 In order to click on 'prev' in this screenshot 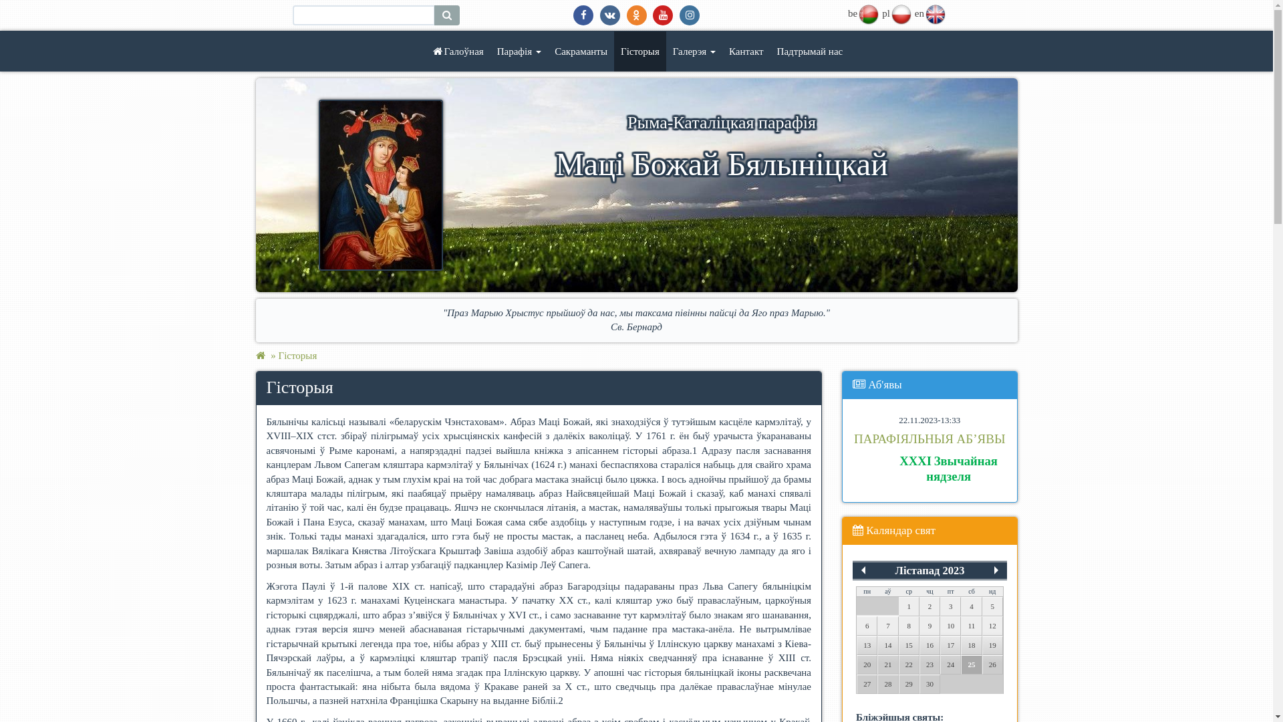, I will do `click(853, 570)`.